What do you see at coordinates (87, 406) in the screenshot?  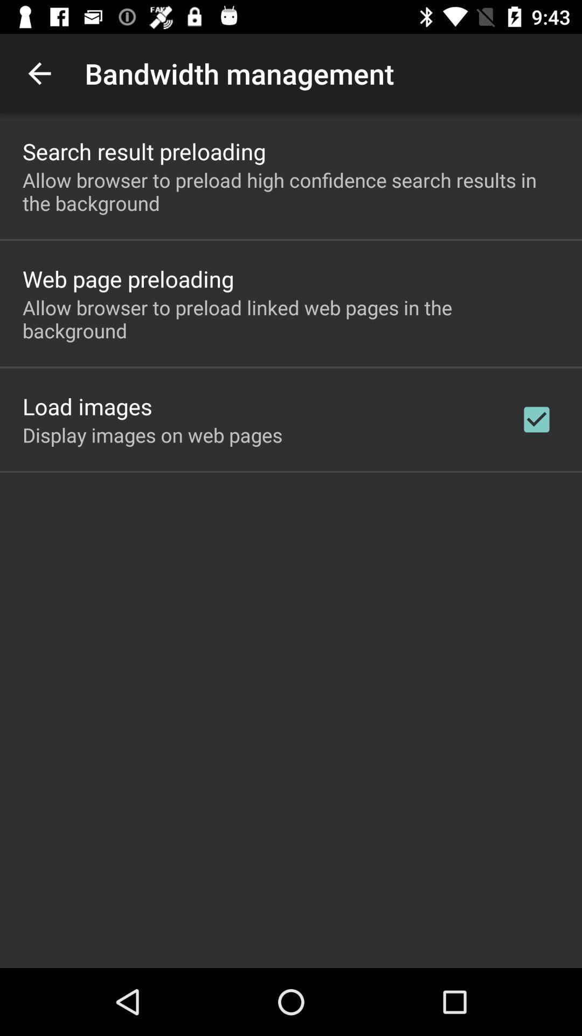 I see `item above the display images on` at bounding box center [87, 406].